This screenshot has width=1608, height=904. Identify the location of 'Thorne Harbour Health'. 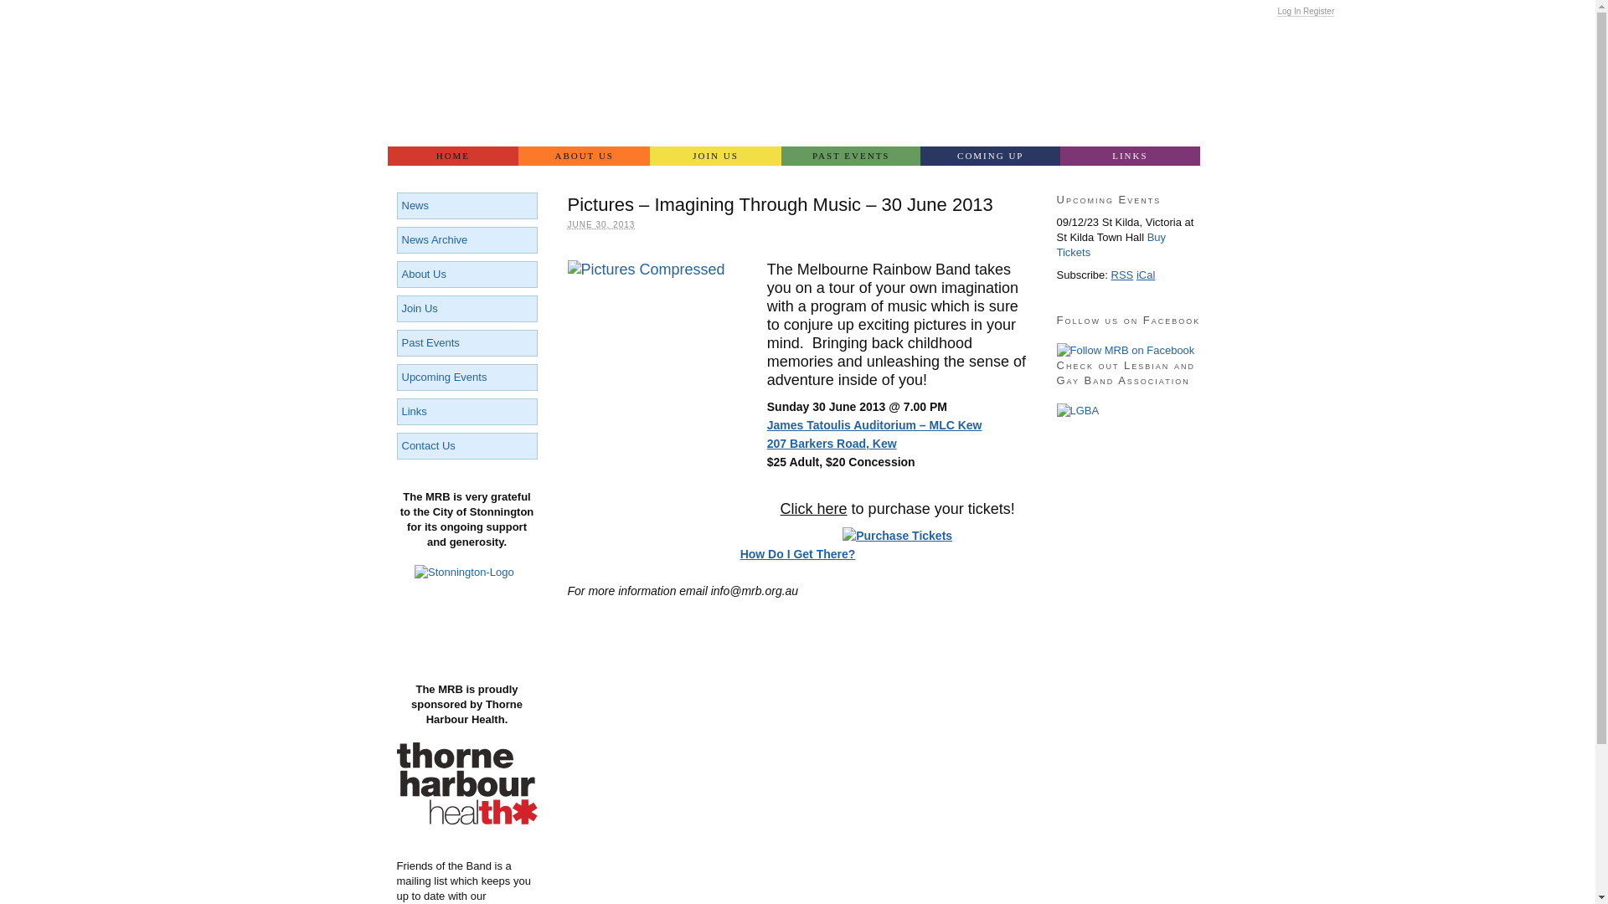
(466, 819).